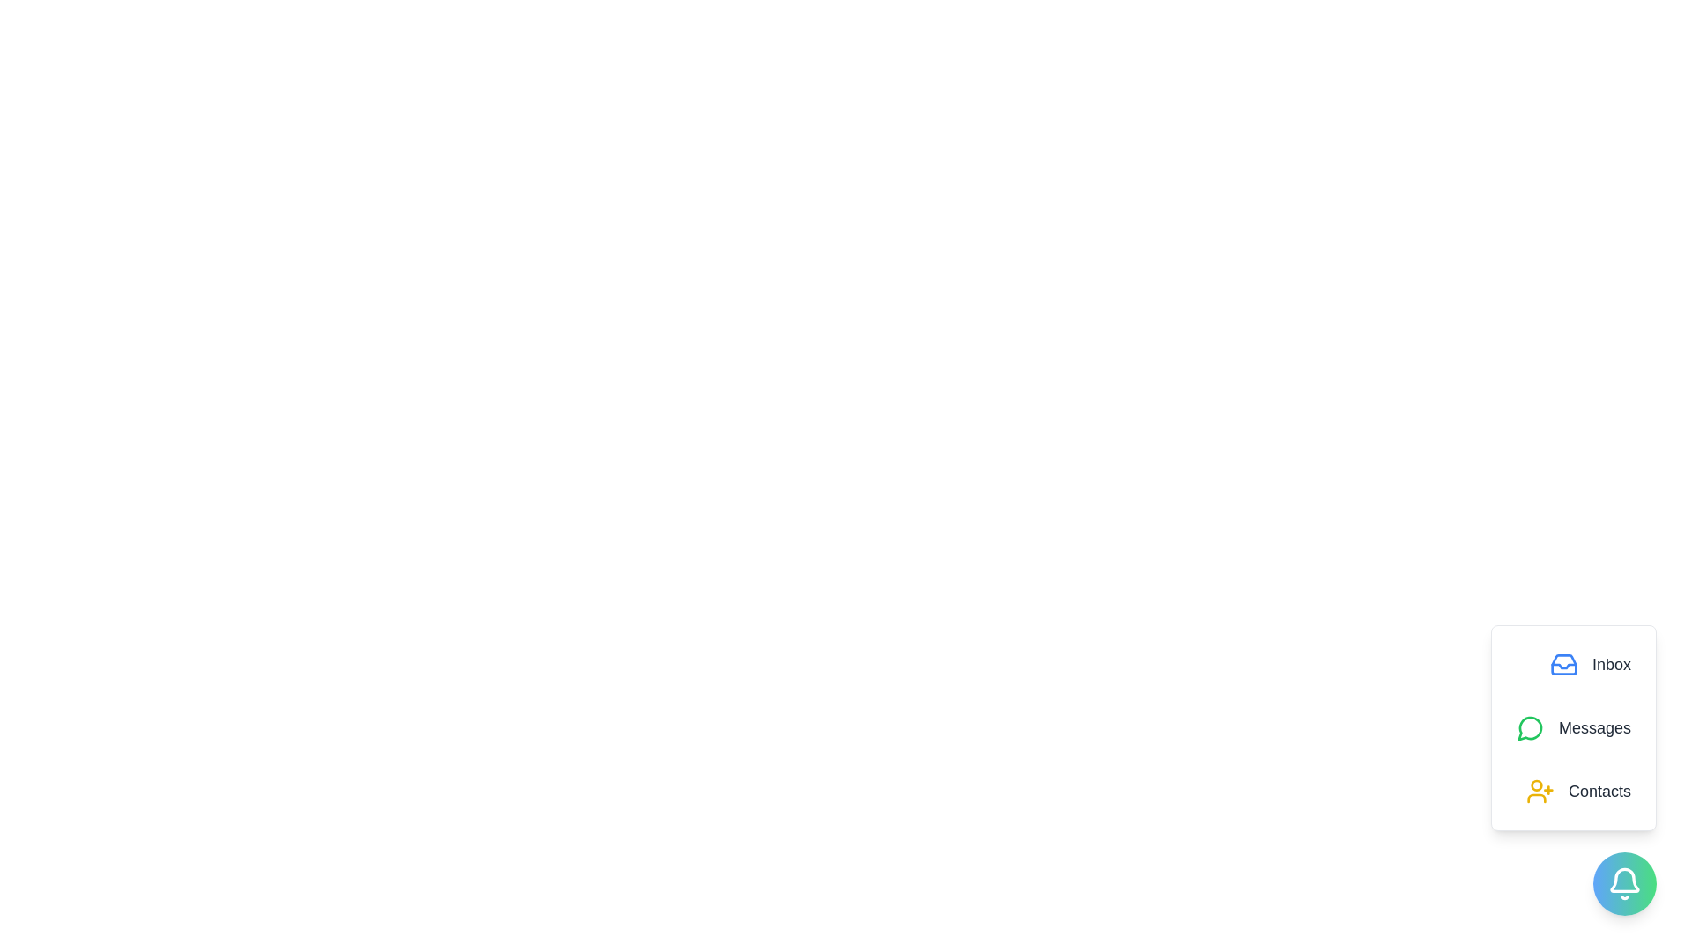 The width and height of the screenshot is (1692, 951). What do you see at coordinates (1577, 790) in the screenshot?
I see `the 'Contacts' option in the NotificationSpeedDial component` at bounding box center [1577, 790].